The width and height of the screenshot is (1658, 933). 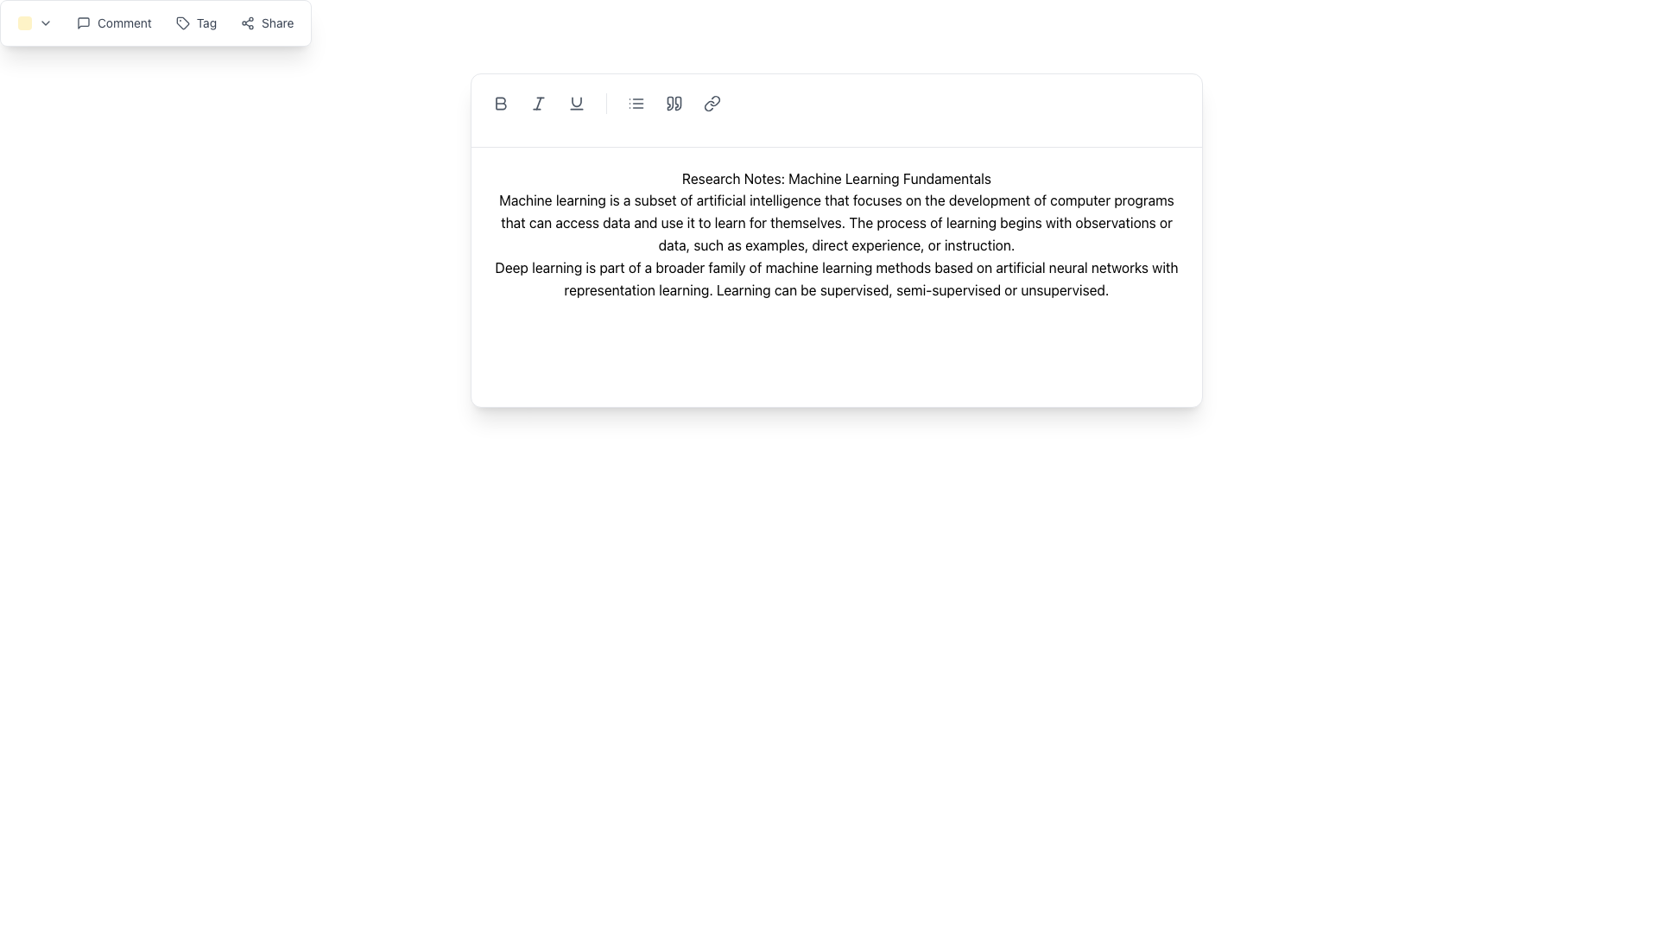 What do you see at coordinates (712, 103) in the screenshot?
I see `the hyperlink button, which is represented by a gray chain or link icon in the toolbar, the seventh item from the left` at bounding box center [712, 103].